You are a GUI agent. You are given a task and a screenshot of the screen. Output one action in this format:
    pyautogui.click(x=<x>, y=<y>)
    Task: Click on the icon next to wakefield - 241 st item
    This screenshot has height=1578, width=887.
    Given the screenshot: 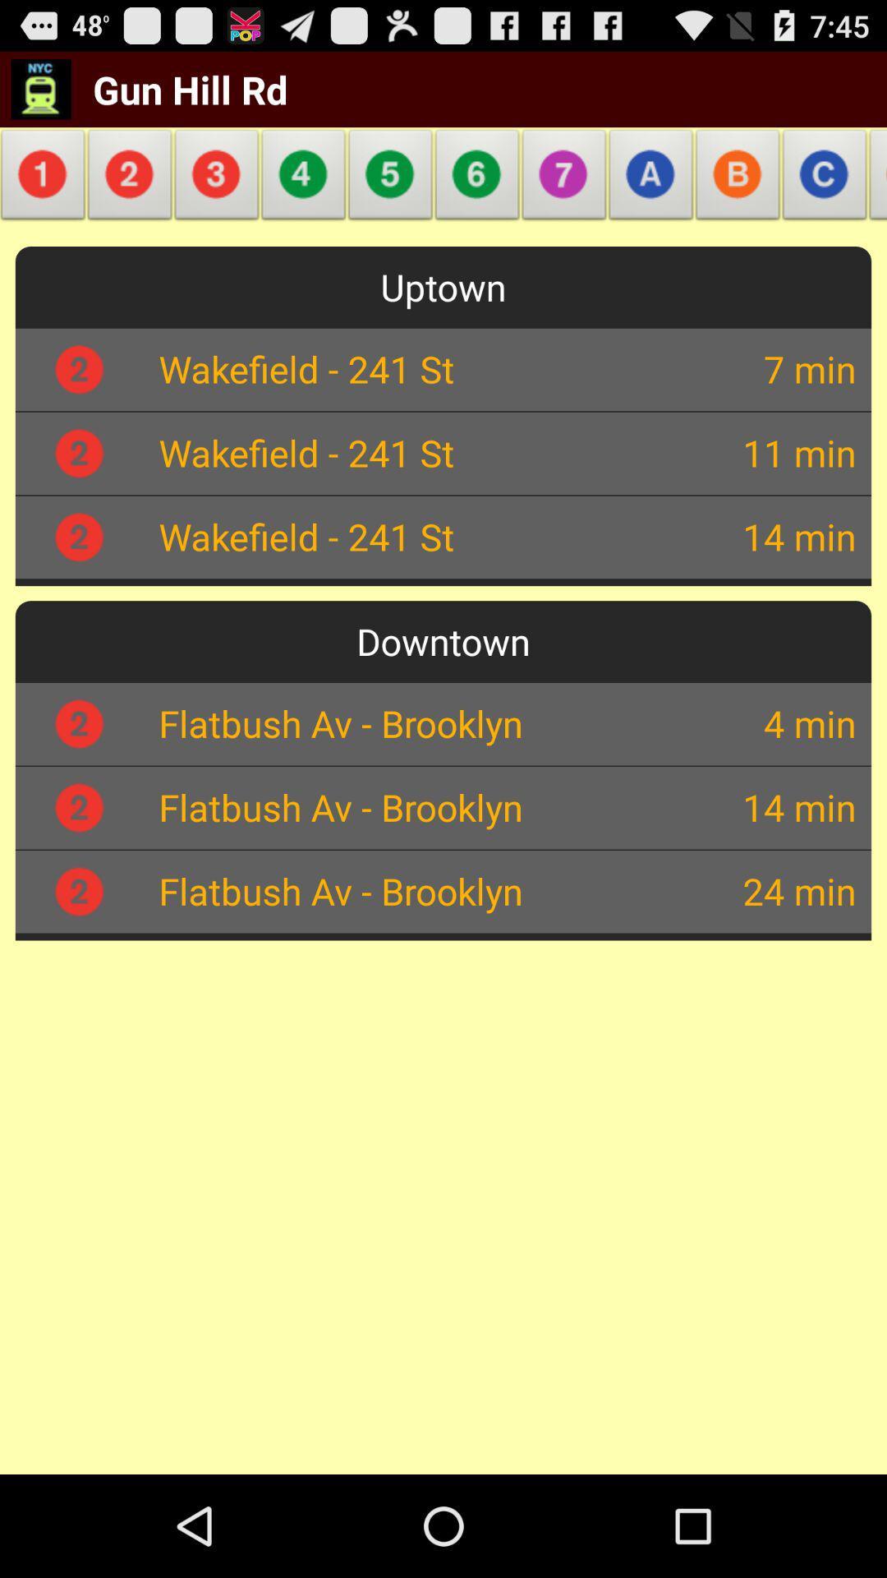 What is the action you would take?
    pyautogui.click(x=742, y=367)
    